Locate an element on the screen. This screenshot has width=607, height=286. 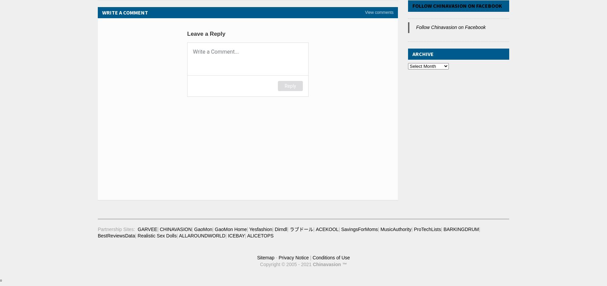
':' is located at coordinates (134, 228).